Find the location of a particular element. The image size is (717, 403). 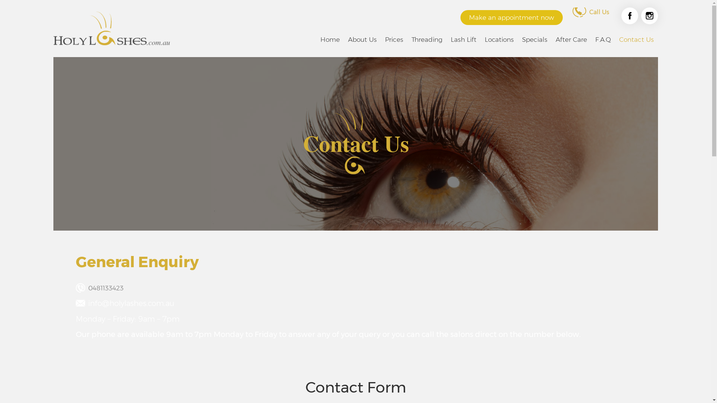

'Instagram' is located at coordinates (641, 16).